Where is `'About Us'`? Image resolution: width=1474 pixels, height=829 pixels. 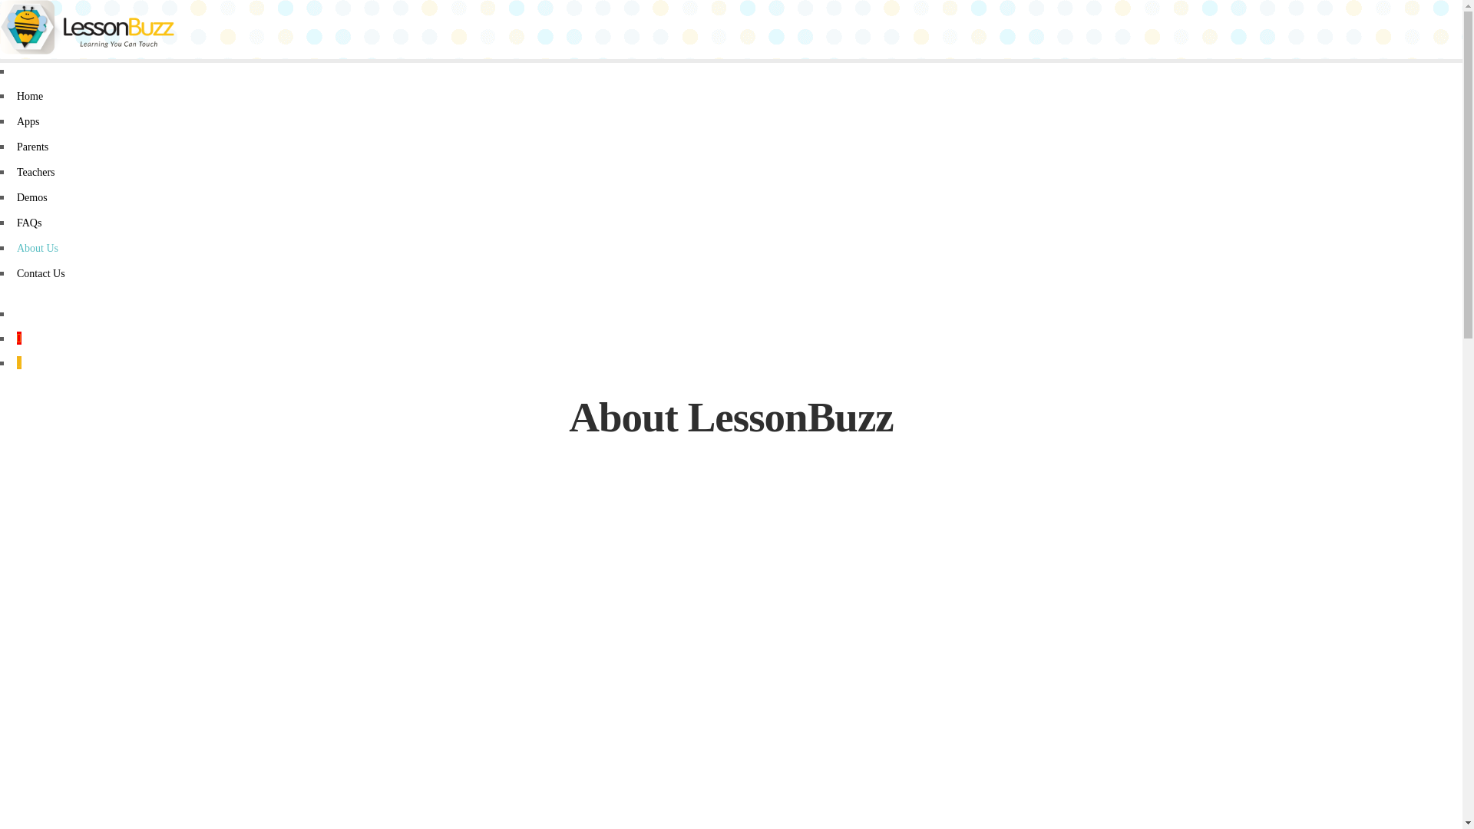 'About Us' is located at coordinates (17, 247).